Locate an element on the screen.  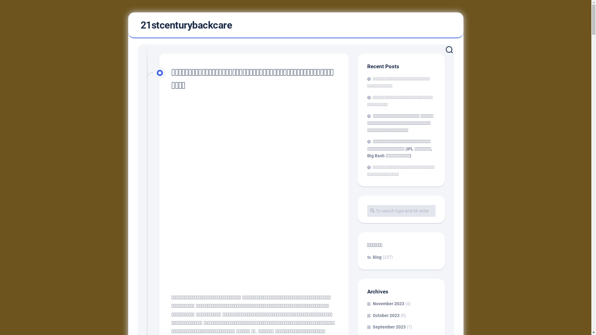
'September 2023' is located at coordinates (386, 326).